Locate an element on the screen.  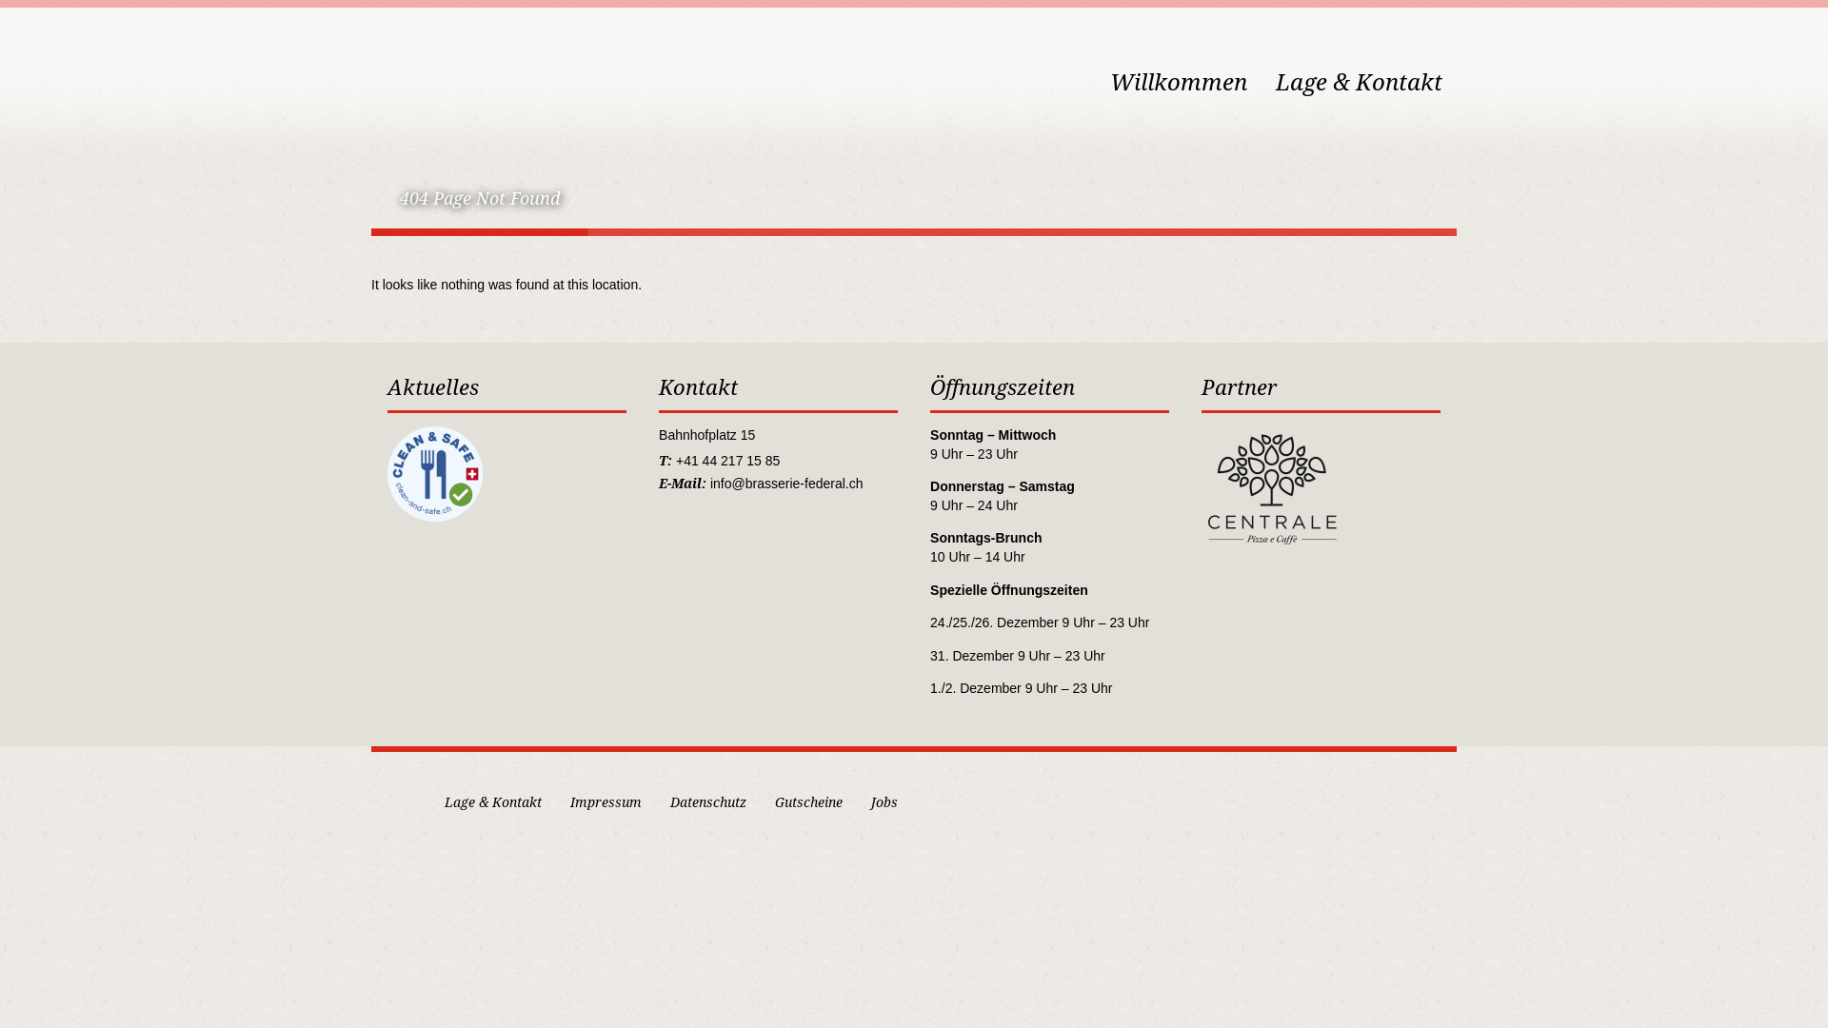
'Datenschutz' is located at coordinates (707, 802).